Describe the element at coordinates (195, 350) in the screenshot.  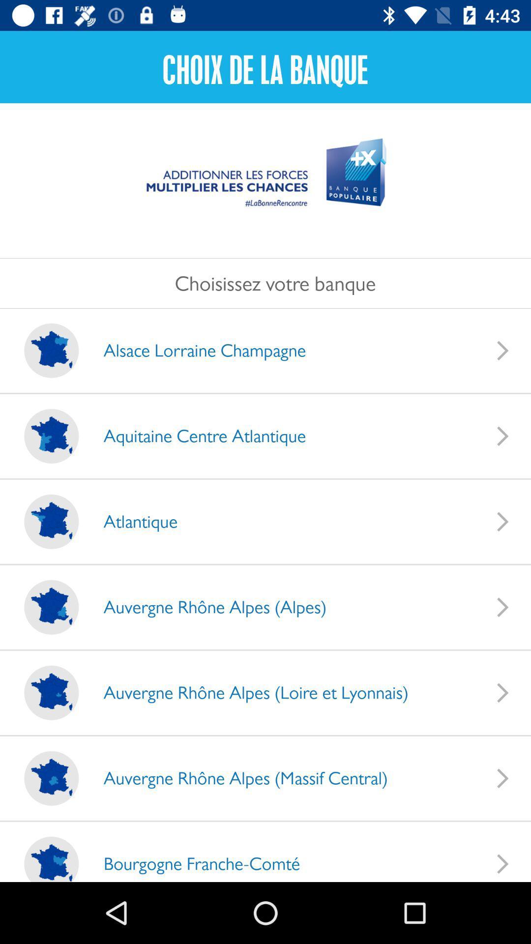
I see `the alsace lorraine champagne icon` at that location.